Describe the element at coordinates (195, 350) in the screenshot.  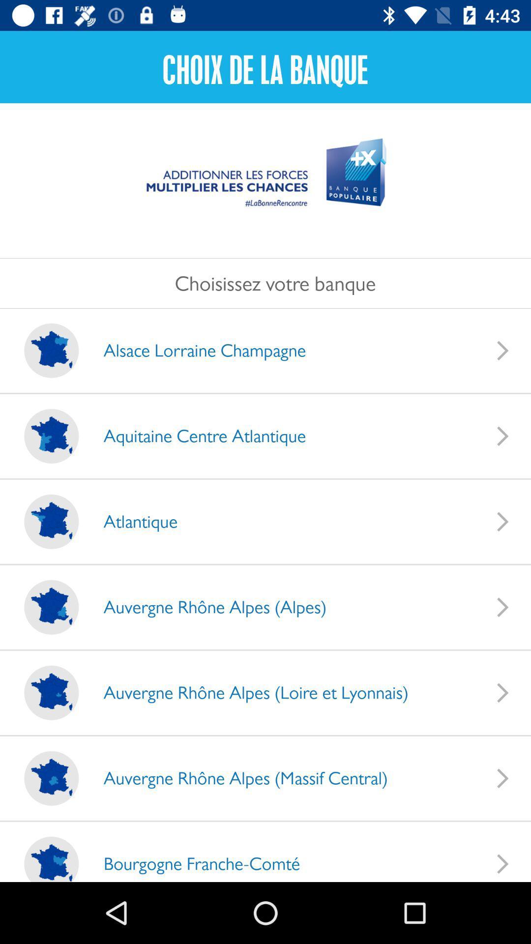
I see `the alsace lorraine champagne icon` at that location.